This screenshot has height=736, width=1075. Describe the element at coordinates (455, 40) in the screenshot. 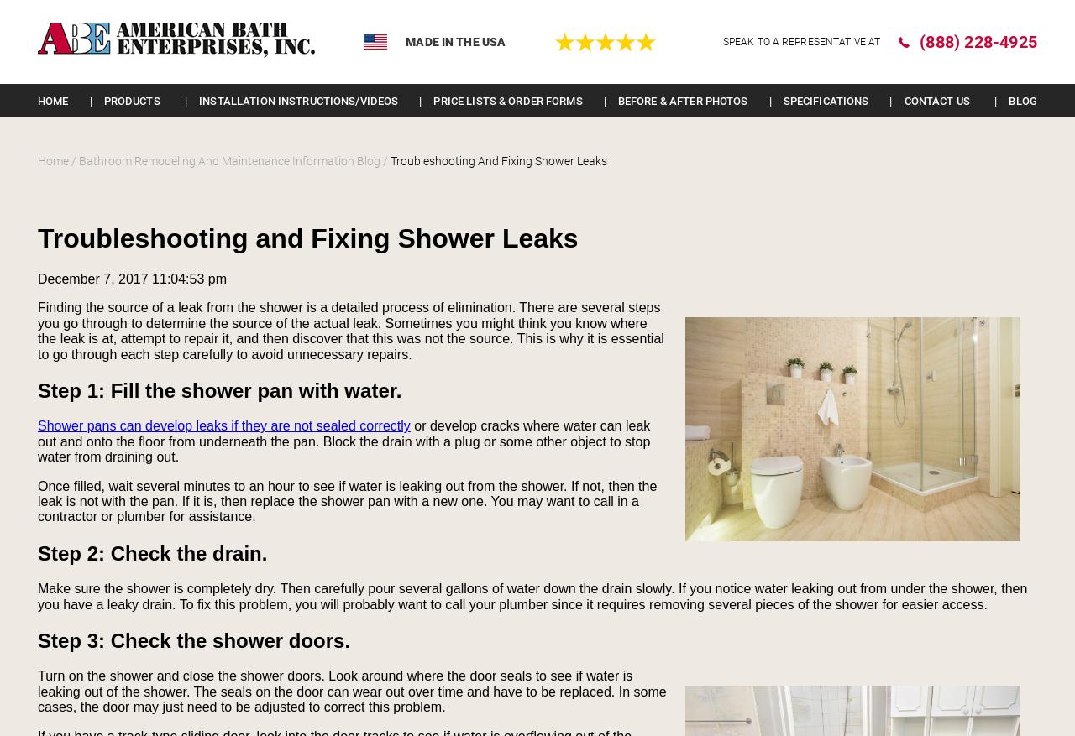

I see `'Made in the USA'` at that location.